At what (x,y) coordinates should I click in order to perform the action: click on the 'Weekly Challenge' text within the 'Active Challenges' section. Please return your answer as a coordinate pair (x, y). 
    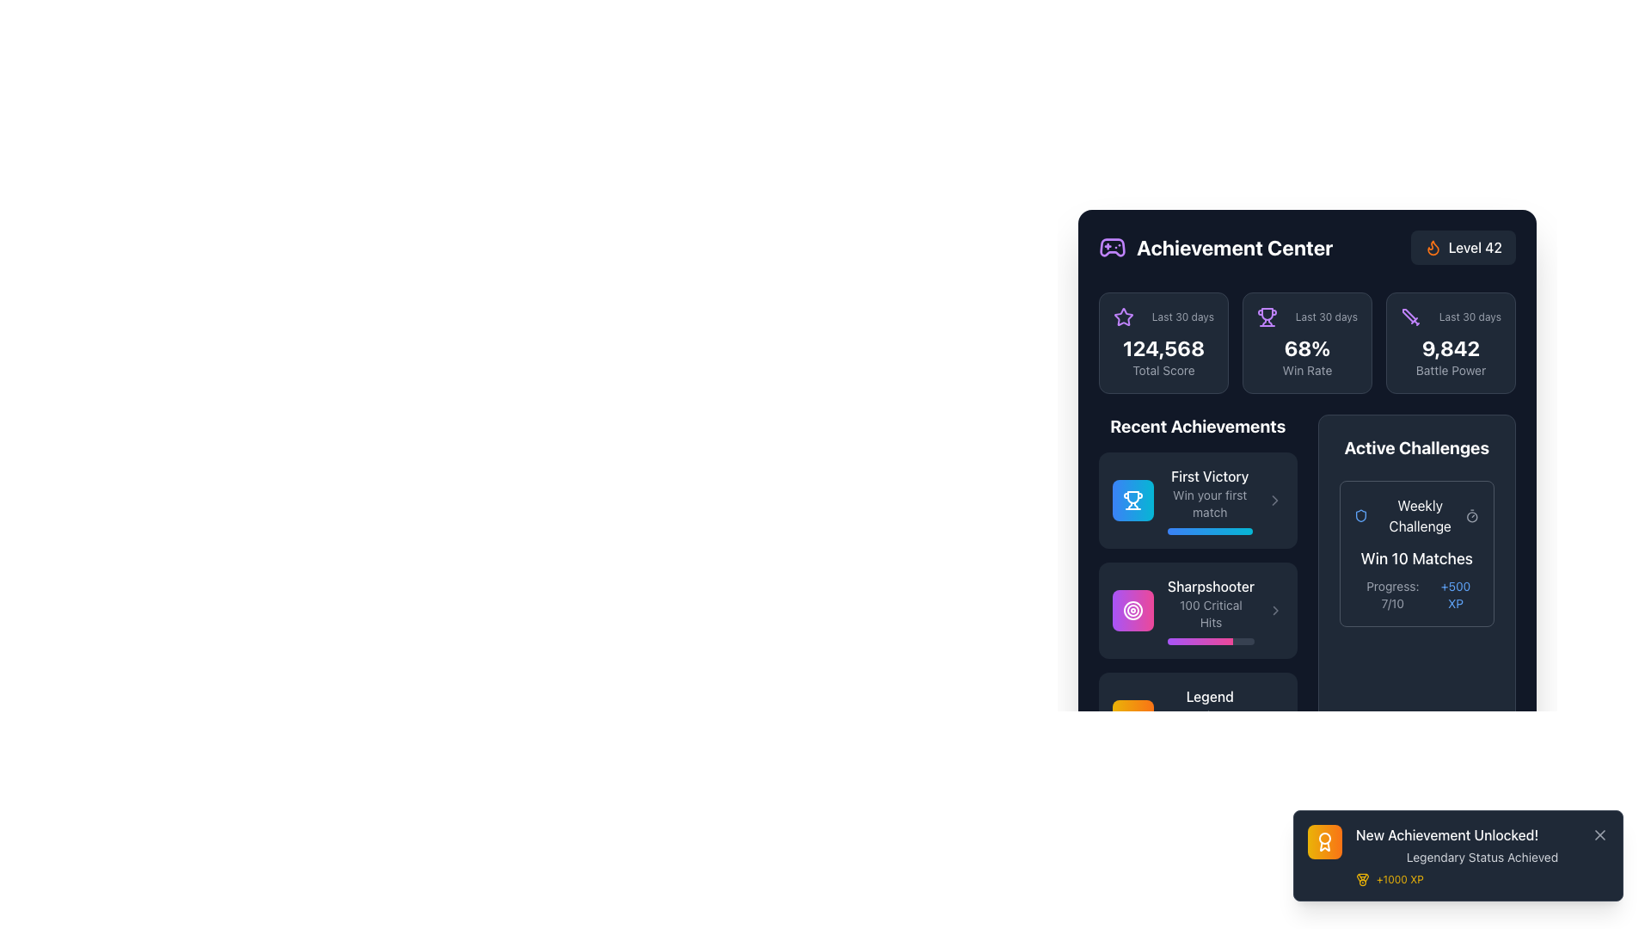
    Looking at the image, I should click on (1409, 515).